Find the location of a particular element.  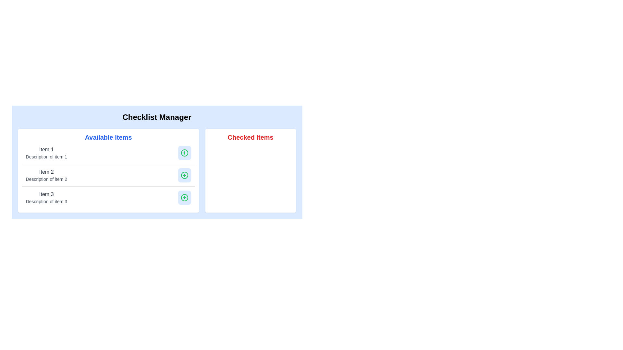

the text label 'Item 2' styled in medium font weight and gray color, located in the 'Available Items' section of the 'Checklist Manager' interface is located at coordinates (46, 172).